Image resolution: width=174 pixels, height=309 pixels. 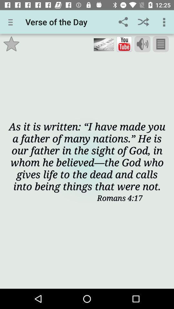 I want to click on the icon to the left of the verse of the, so click(x=12, y=22).